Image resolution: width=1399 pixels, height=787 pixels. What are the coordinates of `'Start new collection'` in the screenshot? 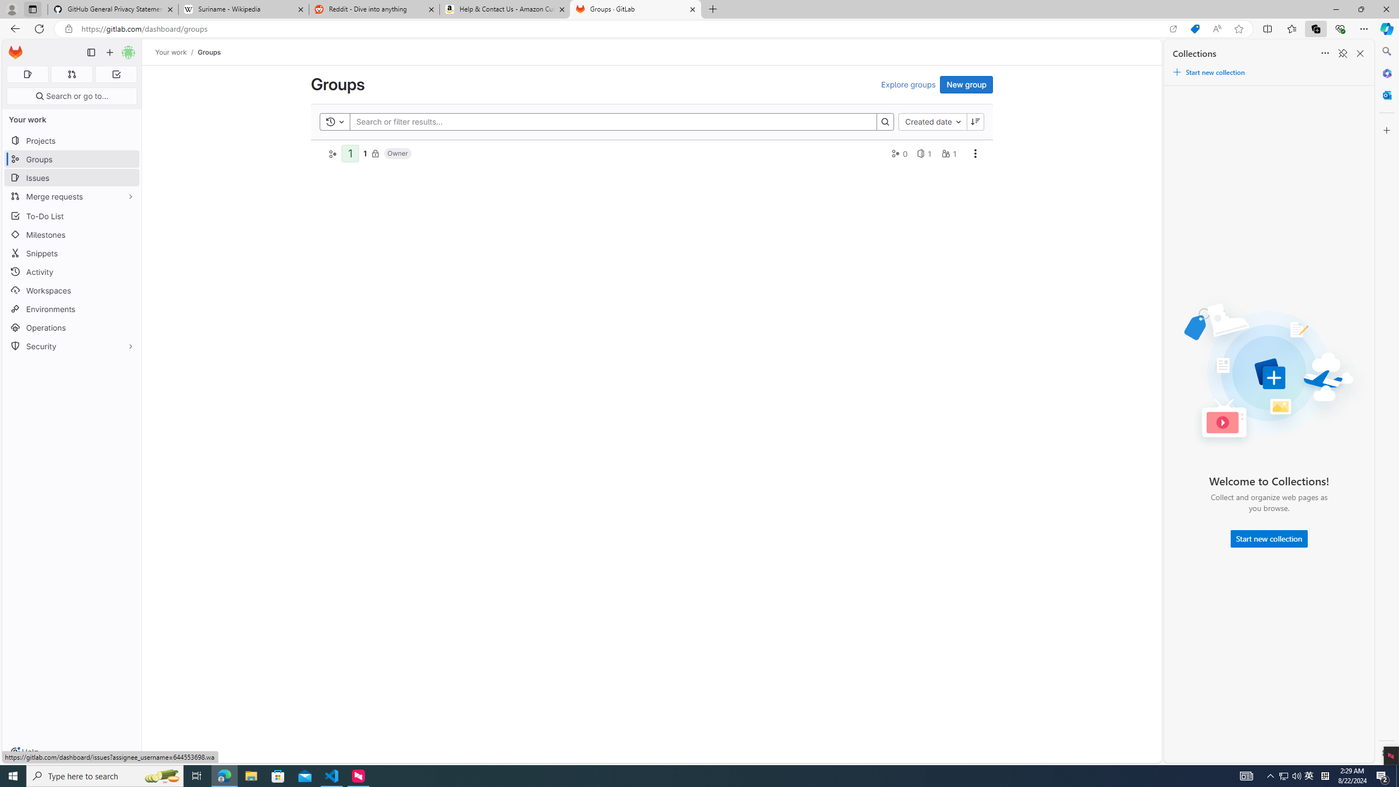 It's located at (1269, 538).